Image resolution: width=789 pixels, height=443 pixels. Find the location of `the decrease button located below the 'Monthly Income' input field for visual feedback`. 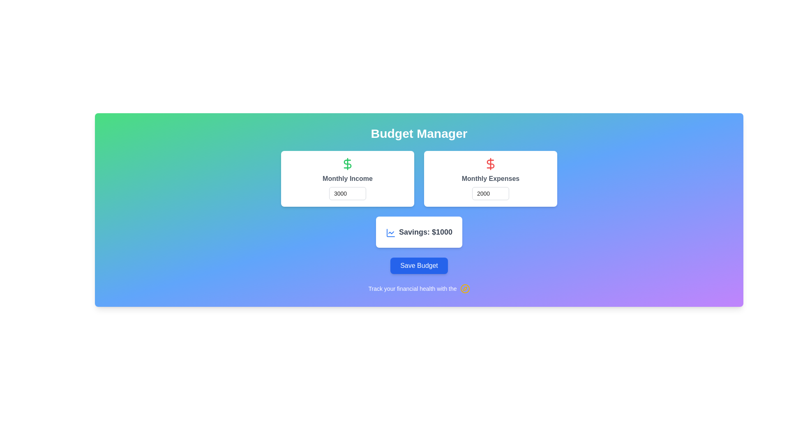

the decrease button located below the 'Monthly Income' input field for visual feedback is located at coordinates (365, 196).